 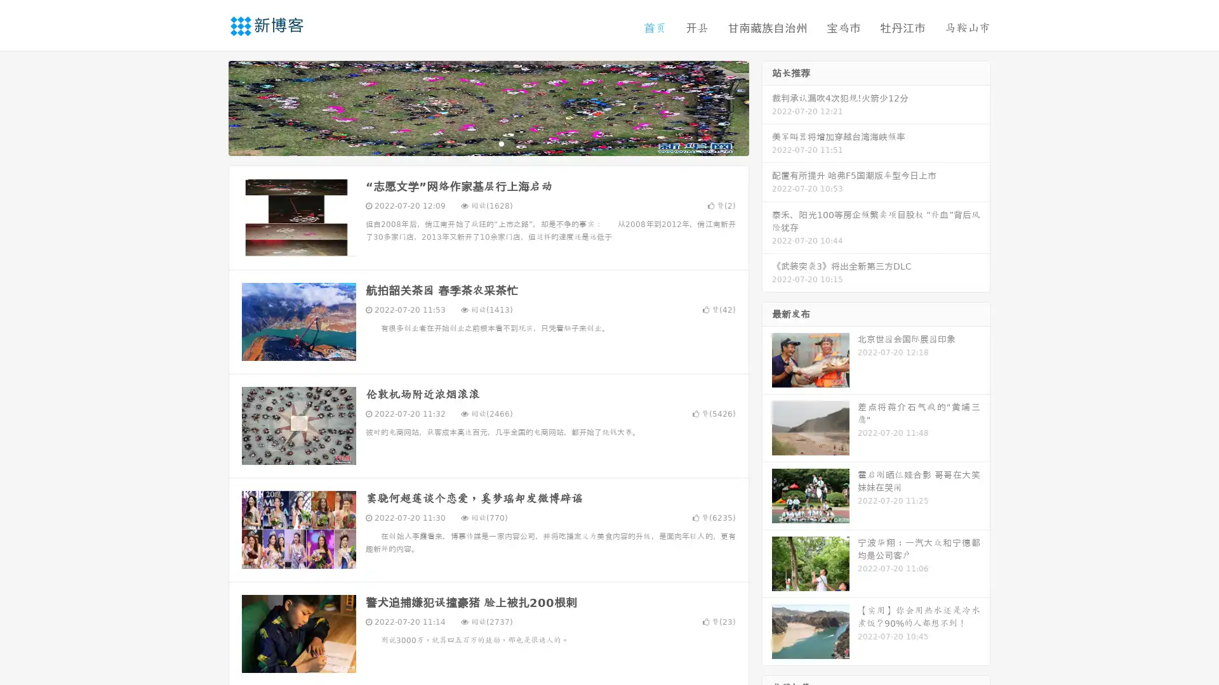 What do you see at coordinates (488, 143) in the screenshot?
I see `Go to slide 2` at bounding box center [488, 143].